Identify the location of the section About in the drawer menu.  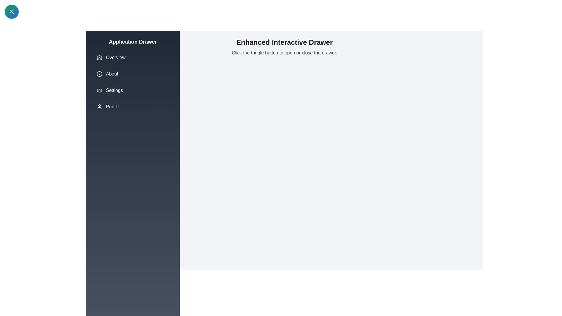
(133, 74).